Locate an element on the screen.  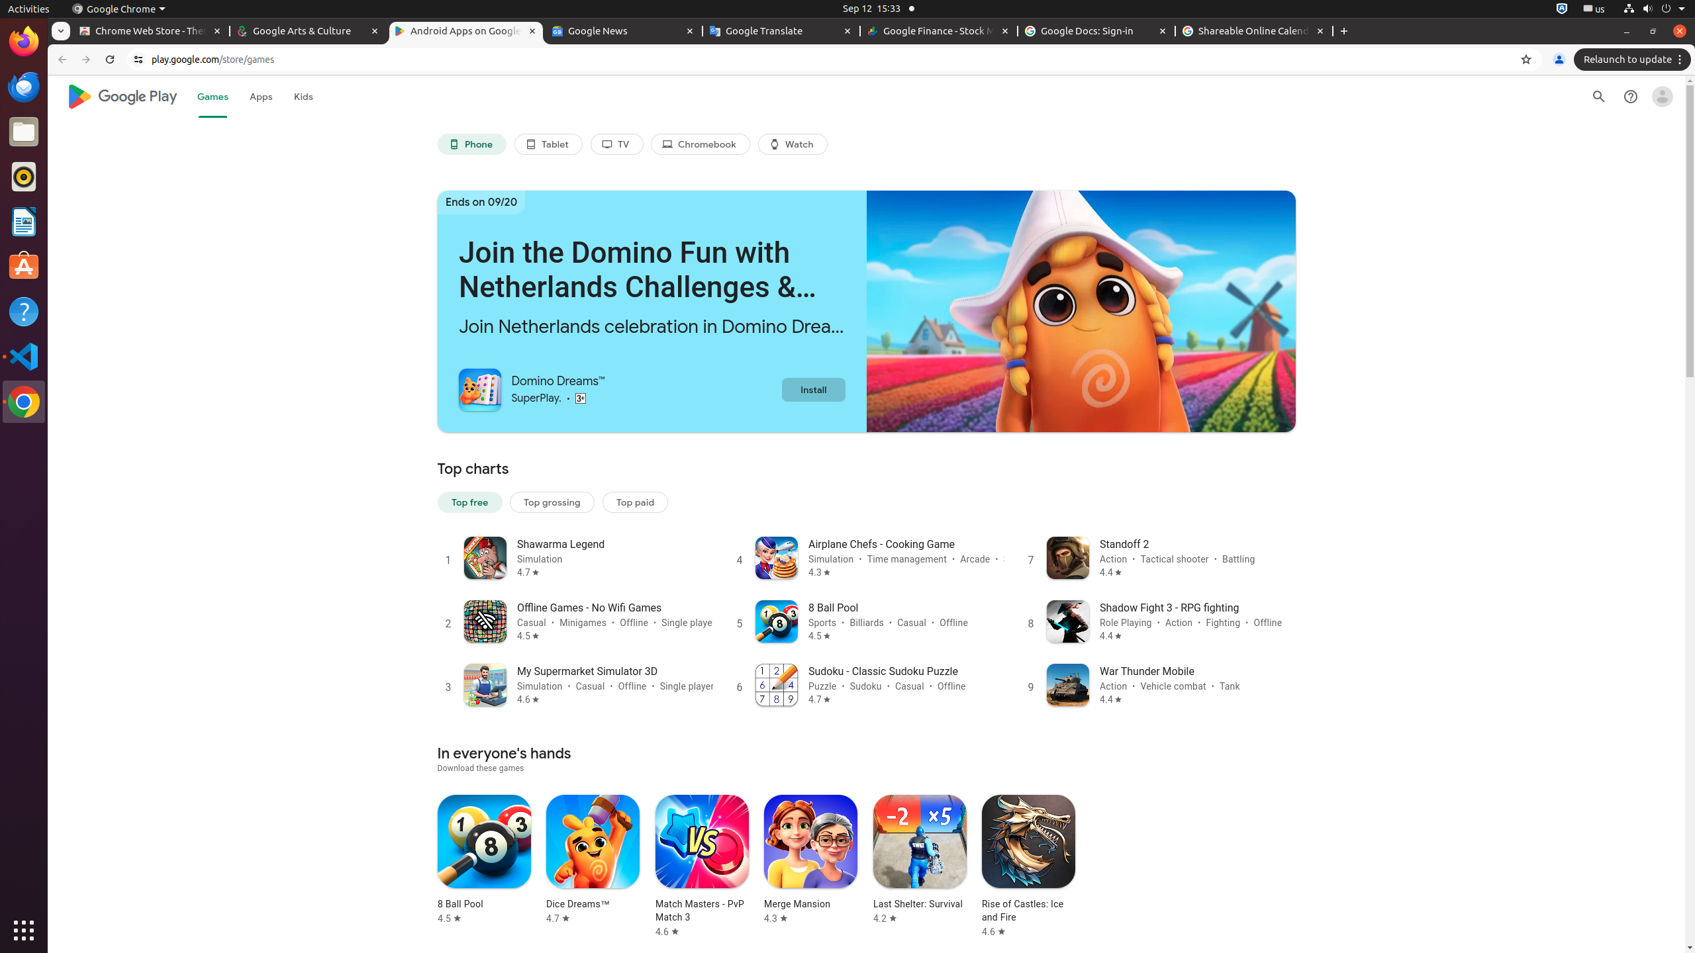
'Top paid' is located at coordinates (635, 502).